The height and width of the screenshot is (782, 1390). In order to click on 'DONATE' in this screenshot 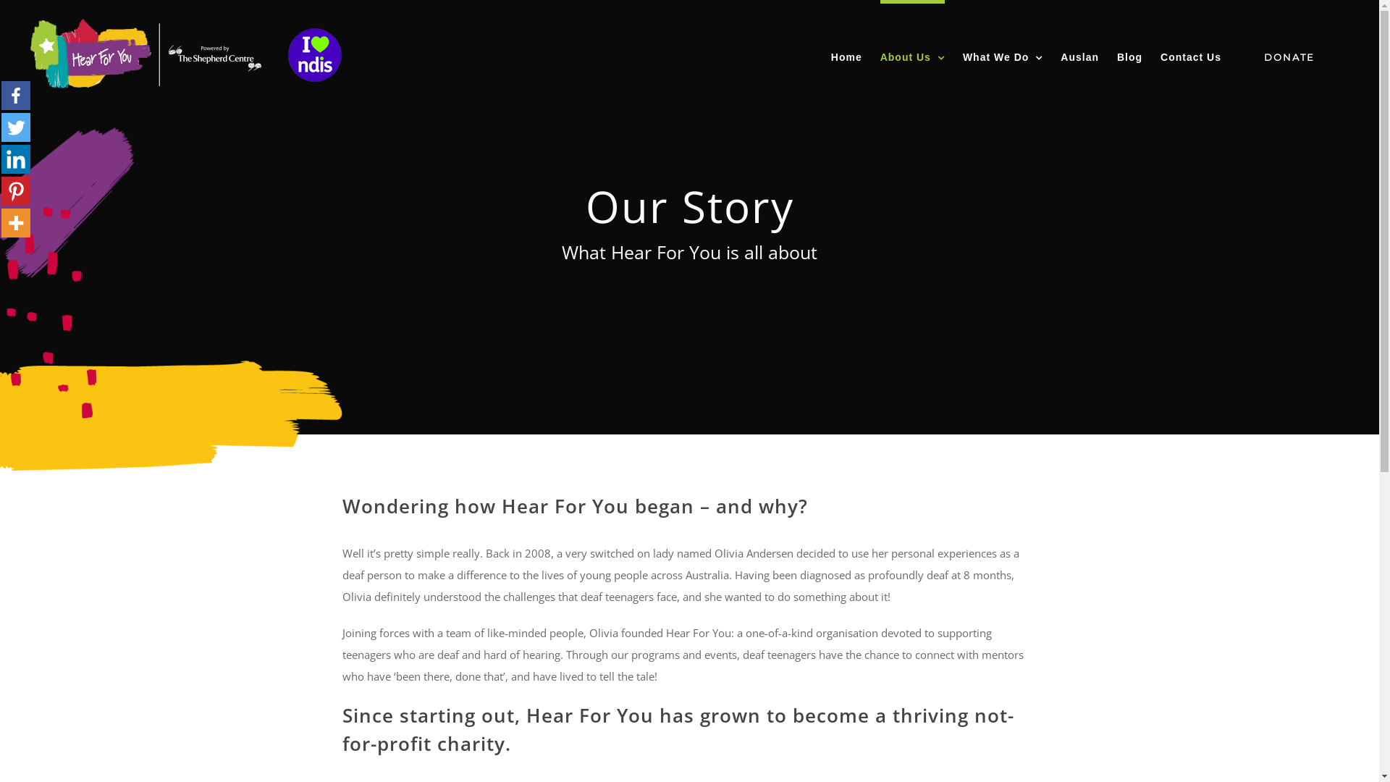, I will do `click(1239, 54)`.